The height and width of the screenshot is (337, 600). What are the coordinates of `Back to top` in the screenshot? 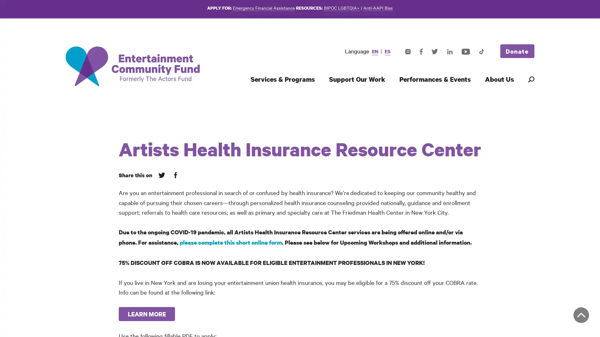 It's located at (581, 315).